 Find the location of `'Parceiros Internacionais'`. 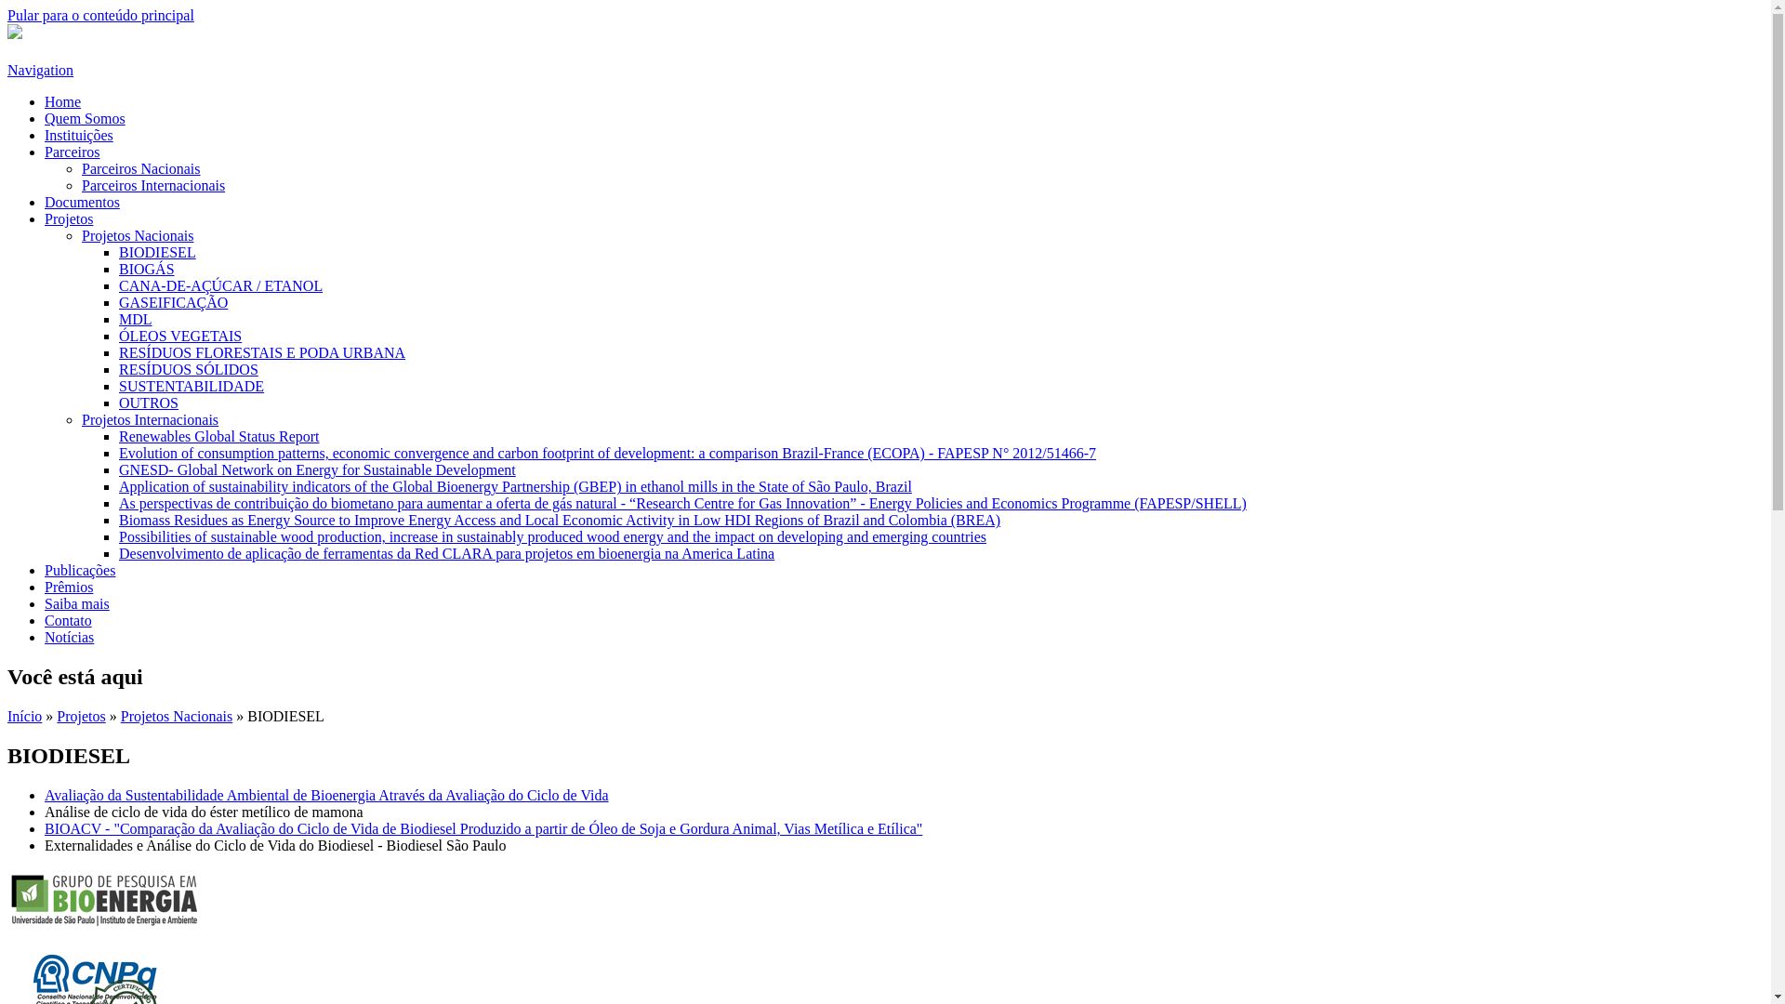

'Parceiros Internacionais' is located at coordinates (152, 185).